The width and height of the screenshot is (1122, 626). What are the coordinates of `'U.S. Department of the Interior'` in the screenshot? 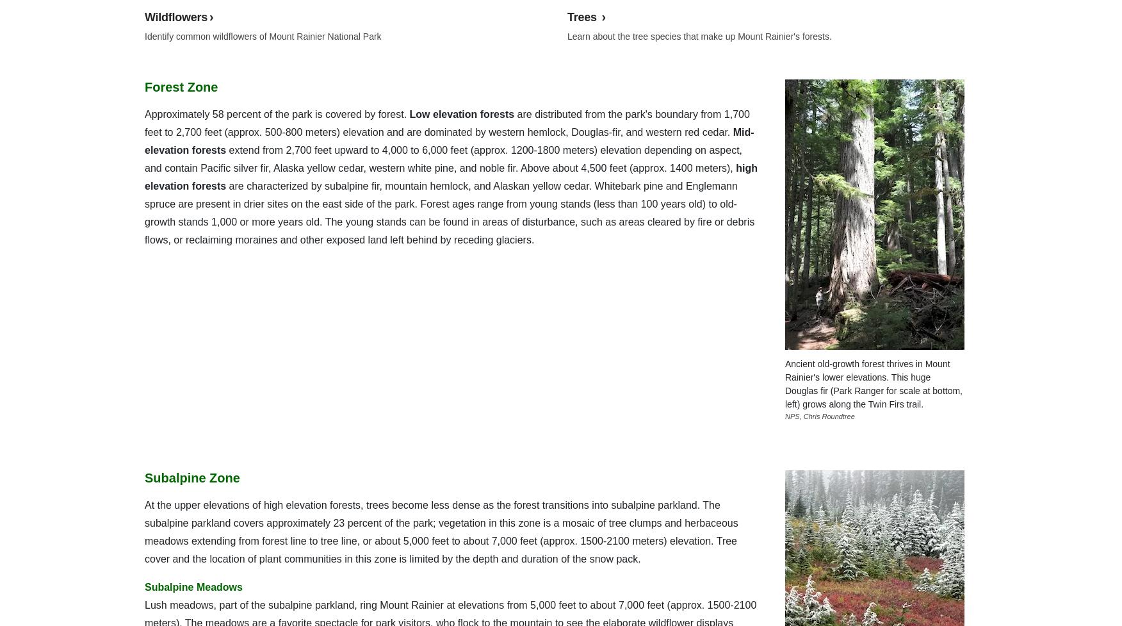 It's located at (879, 30).